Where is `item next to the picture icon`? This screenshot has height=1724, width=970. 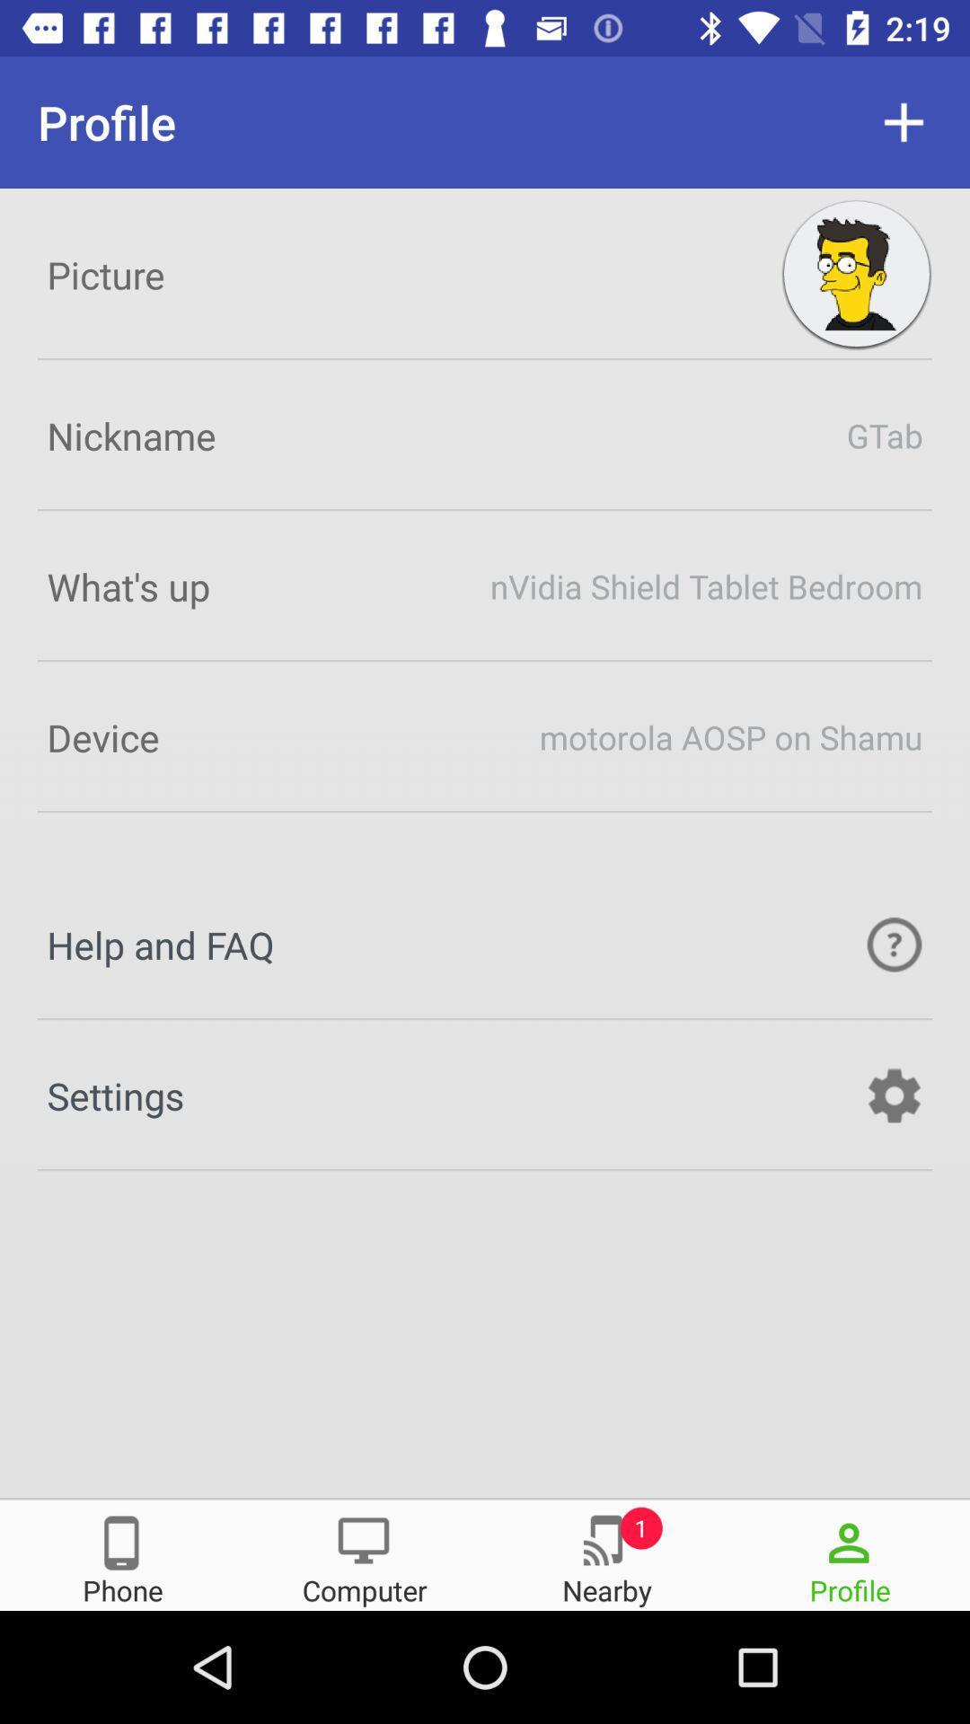
item next to the picture icon is located at coordinates (855, 274).